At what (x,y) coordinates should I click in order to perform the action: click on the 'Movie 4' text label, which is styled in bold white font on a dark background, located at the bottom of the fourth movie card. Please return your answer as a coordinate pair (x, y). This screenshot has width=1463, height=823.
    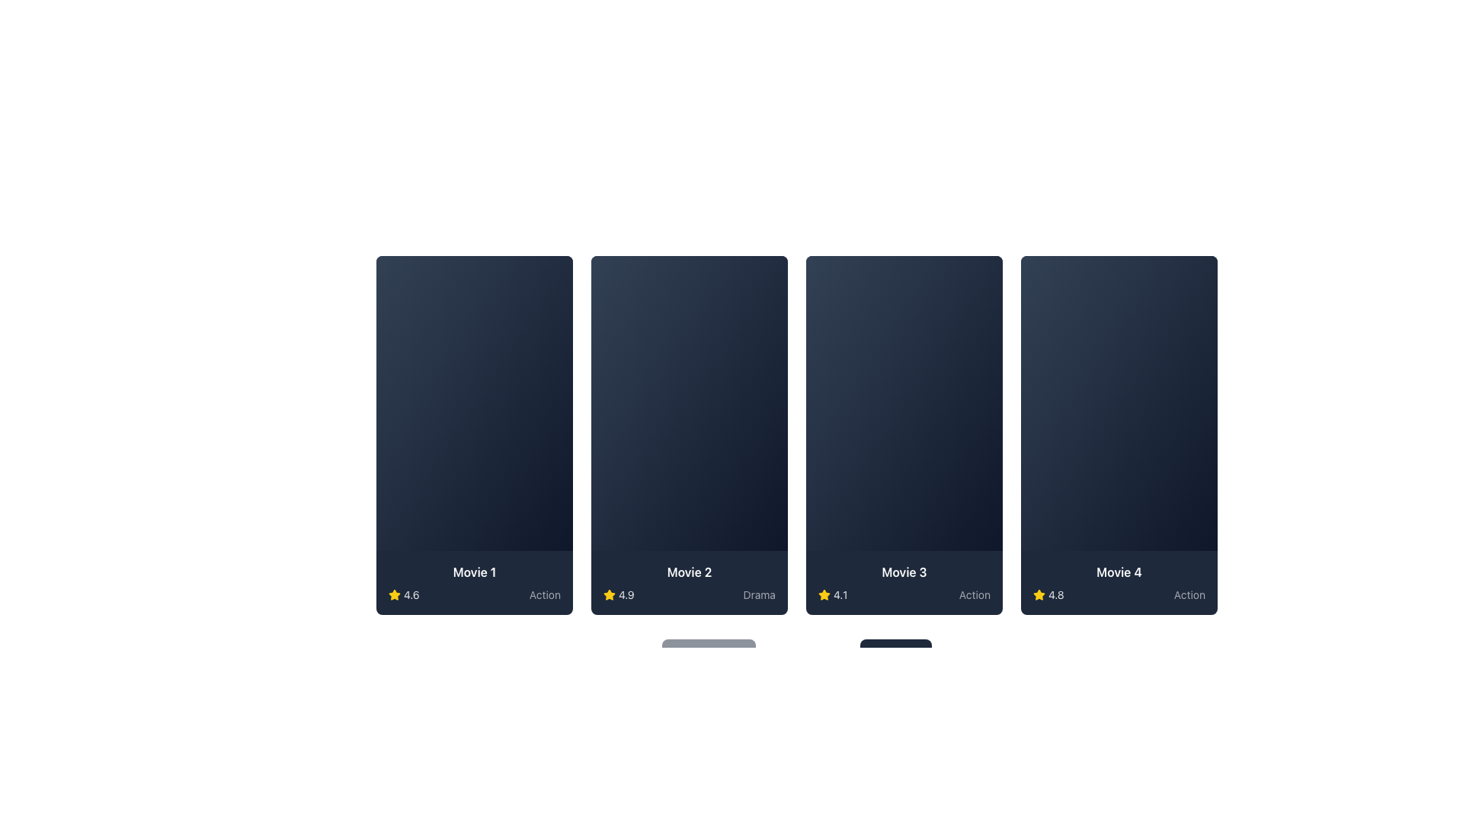
    Looking at the image, I should click on (1119, 572).